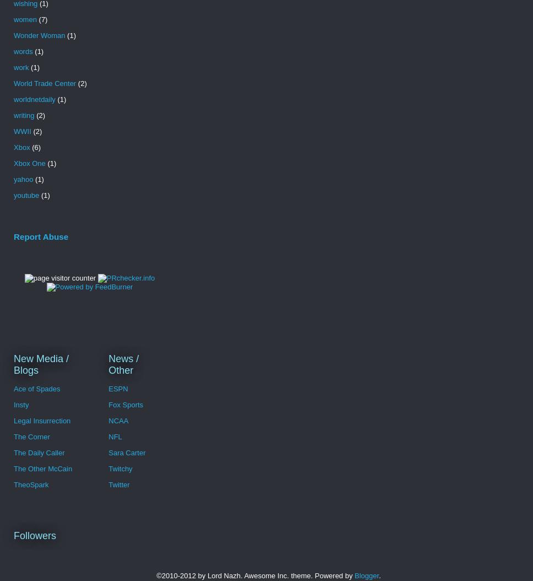  Describe the element at coordinates (125, 404) in the screenshot. I see `'Fox Sports'` at that location.